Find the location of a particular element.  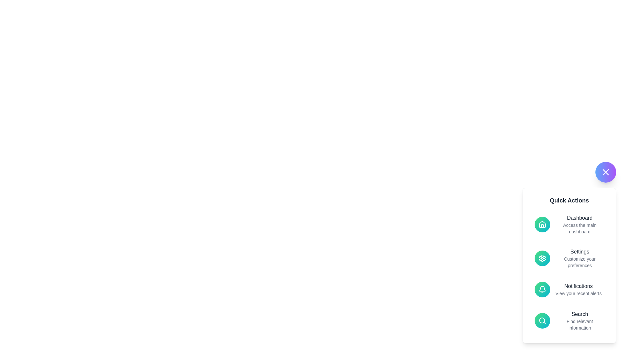

the Notifications option from the menu is located at coordinates (569, 289).